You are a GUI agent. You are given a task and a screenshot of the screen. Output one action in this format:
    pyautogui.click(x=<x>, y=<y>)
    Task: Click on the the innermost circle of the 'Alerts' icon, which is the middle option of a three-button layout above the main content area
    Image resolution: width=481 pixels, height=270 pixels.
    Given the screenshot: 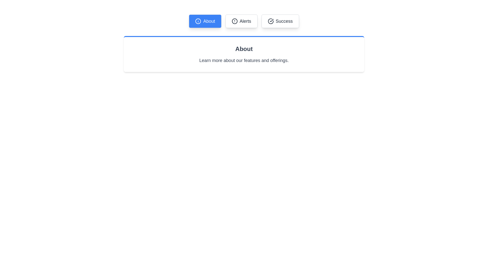 What is the action you would take?
    pyautogui.click(x=234, y=21)
    